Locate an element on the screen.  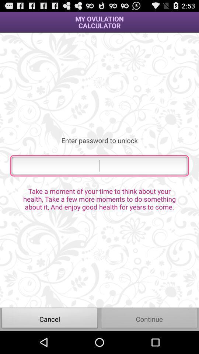
type in the password is located at coordinates (99, 166).